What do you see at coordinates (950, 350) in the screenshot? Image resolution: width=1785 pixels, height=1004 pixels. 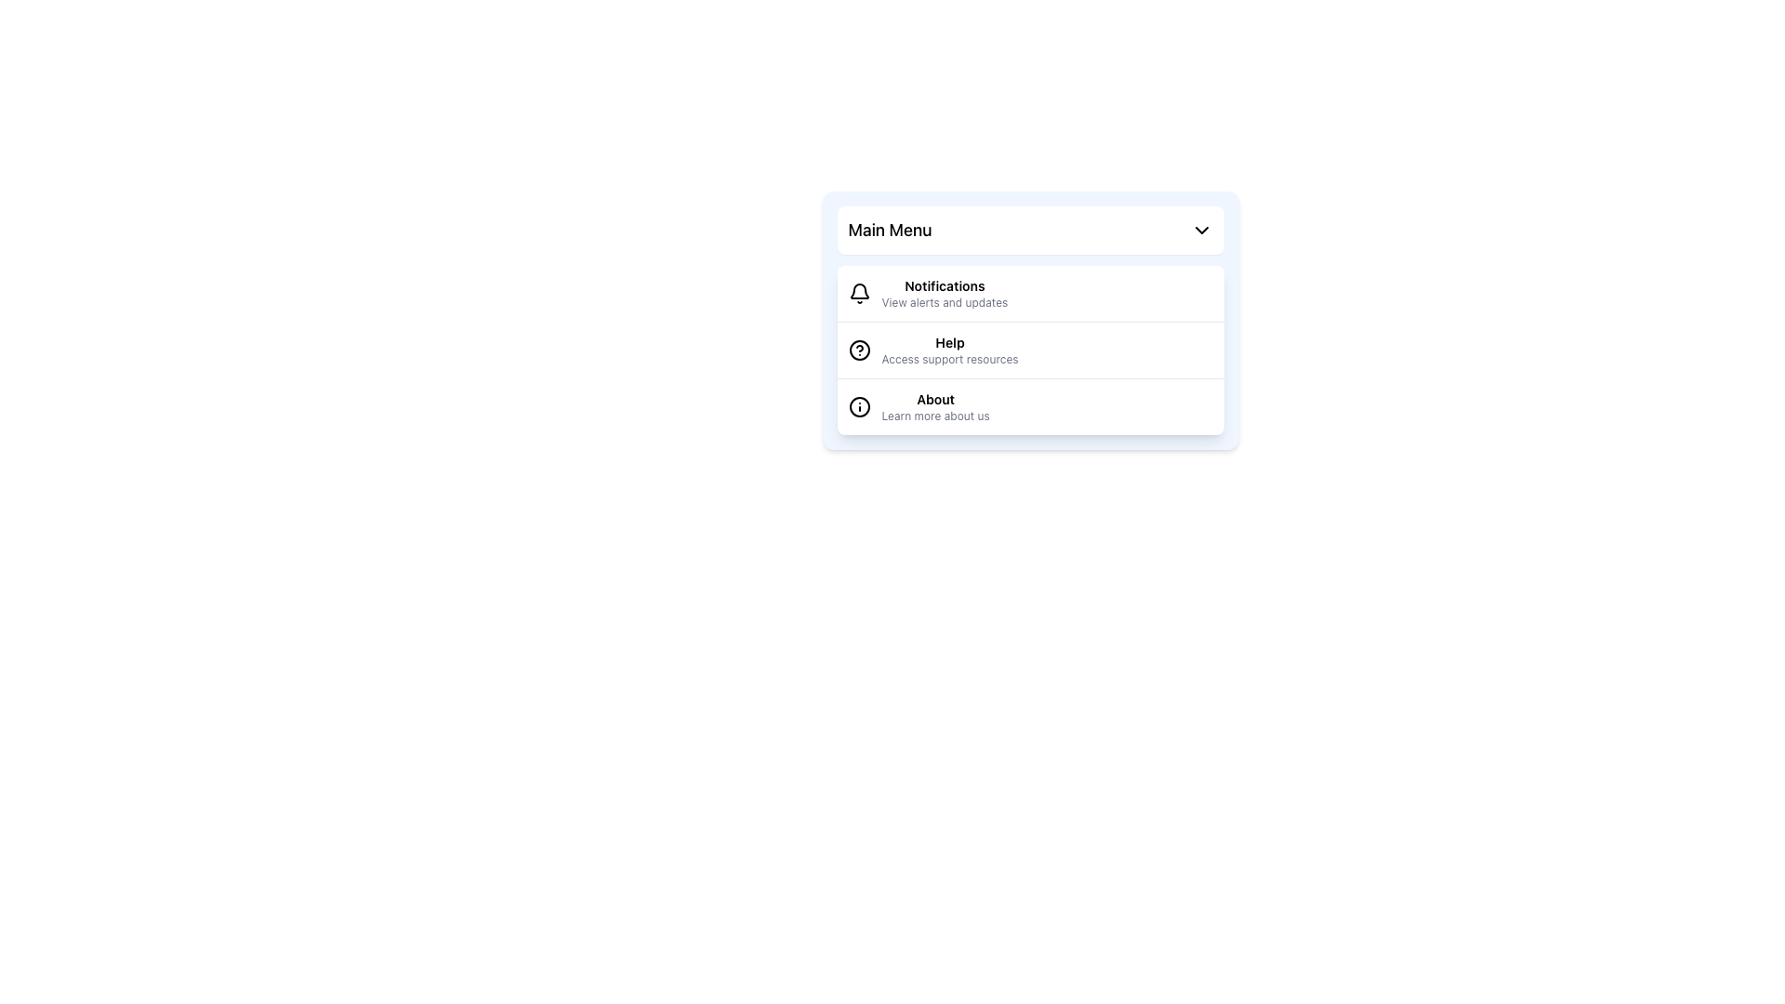 I see `the descriptive text label for accessing support resources, which is the second item in the vertical list of the dropdown menu under 'Notifications'` at bounding box center [950, 350].